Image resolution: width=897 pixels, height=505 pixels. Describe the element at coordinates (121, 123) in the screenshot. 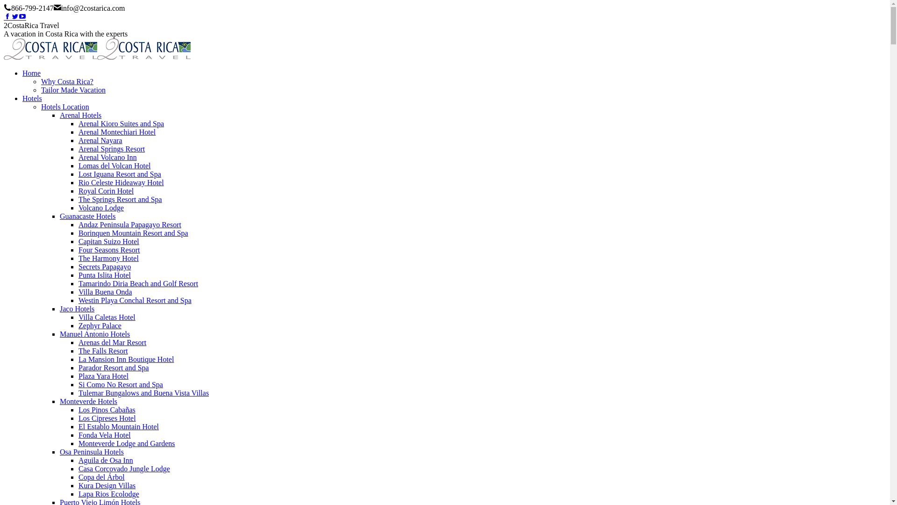

I see `'Arenal Kioro Suites and Spa'` at that location.